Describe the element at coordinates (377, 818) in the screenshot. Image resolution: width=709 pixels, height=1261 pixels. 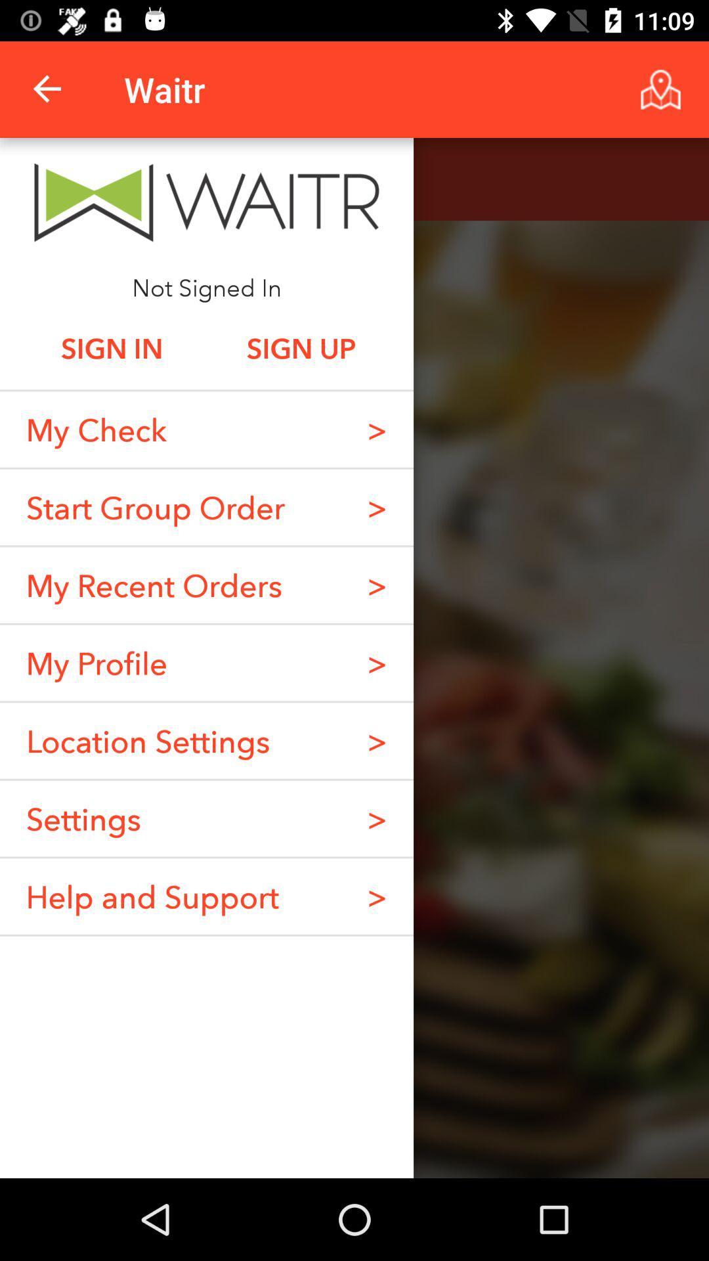
I see `> item` at that location.